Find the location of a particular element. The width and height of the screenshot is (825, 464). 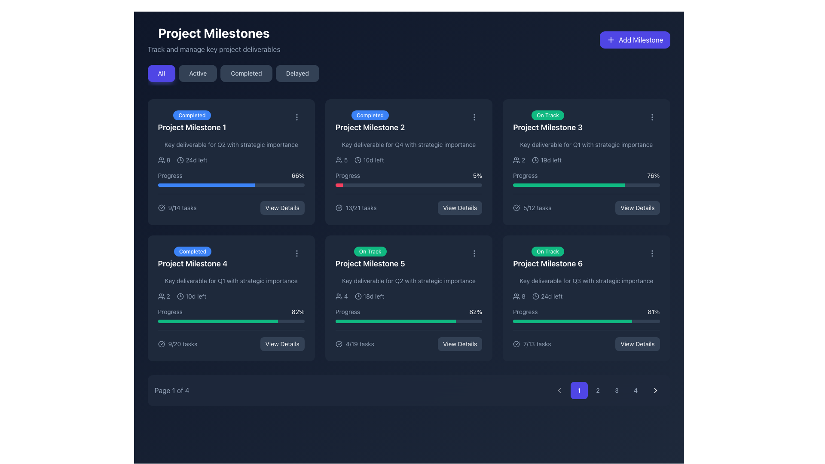

the Progress indicator (progress bar) that visually represents '76%' for 'Project Milestone 3', located in the bottom half of the card below the text stating 'Progress' is located at coordinates (586, 185).